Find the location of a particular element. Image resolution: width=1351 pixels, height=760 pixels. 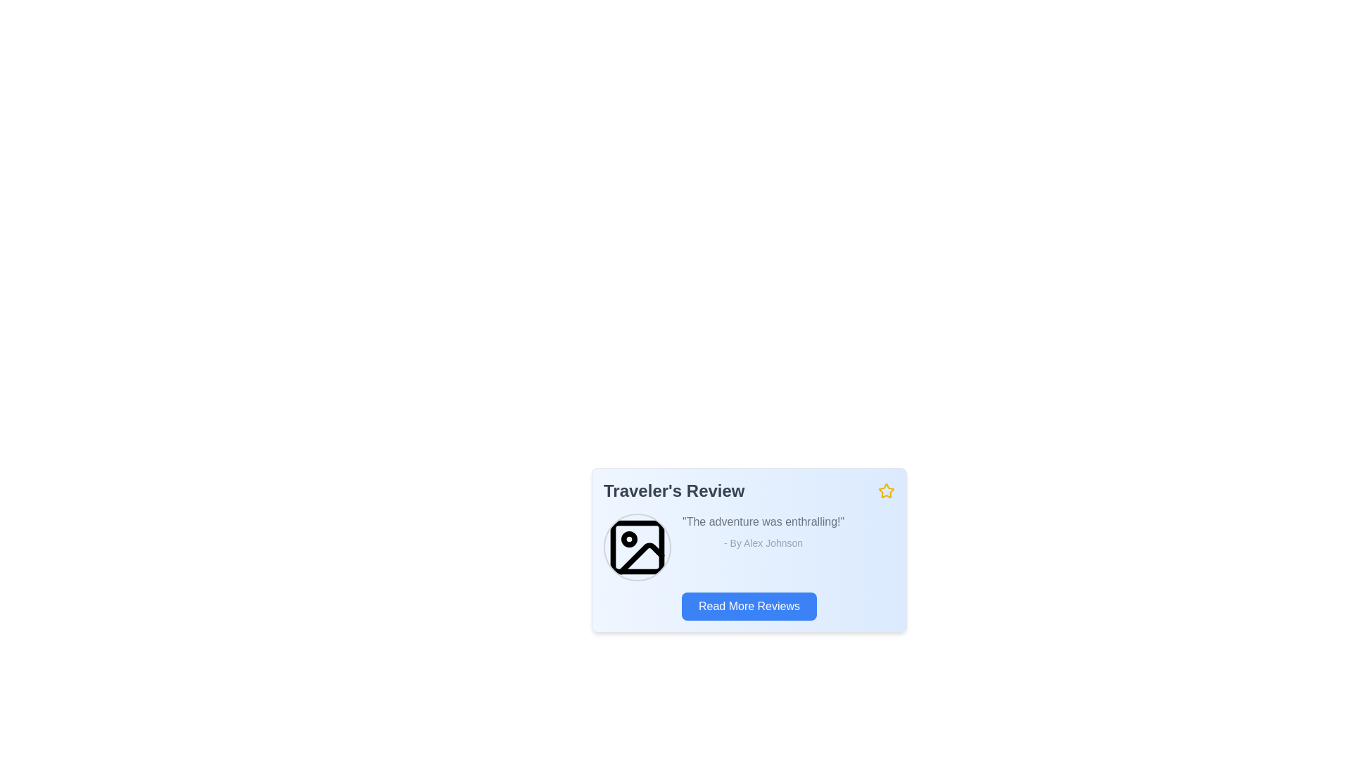

the small circle element located within the upper-left quadrant of the larger image icon on the left side of the review card is located at coordinates (628, 538).